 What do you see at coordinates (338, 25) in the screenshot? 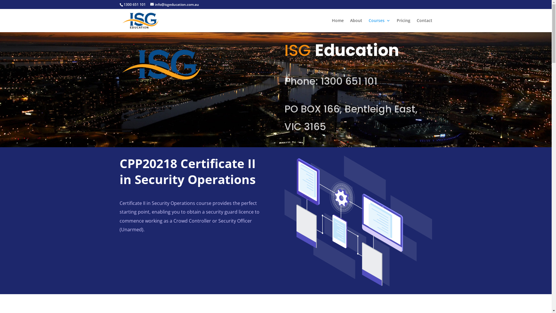
I see `'Home'` at bounding box center [338, 25].